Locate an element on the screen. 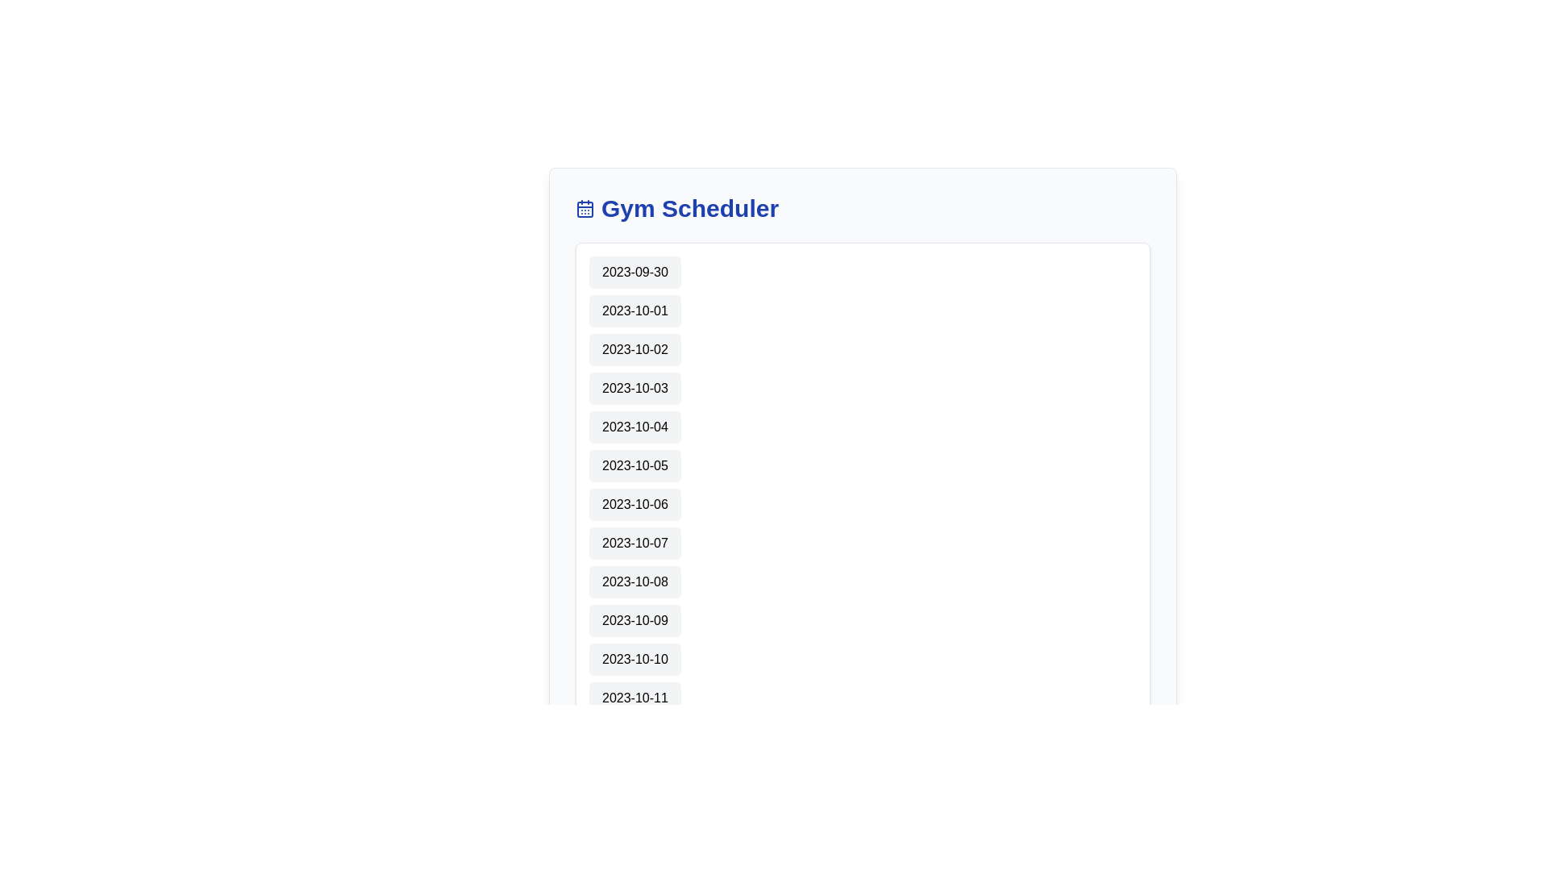 This screenshot has height=871, width=1548. the date button displaying '2023-10-08' is located at coordinates (634, 581).